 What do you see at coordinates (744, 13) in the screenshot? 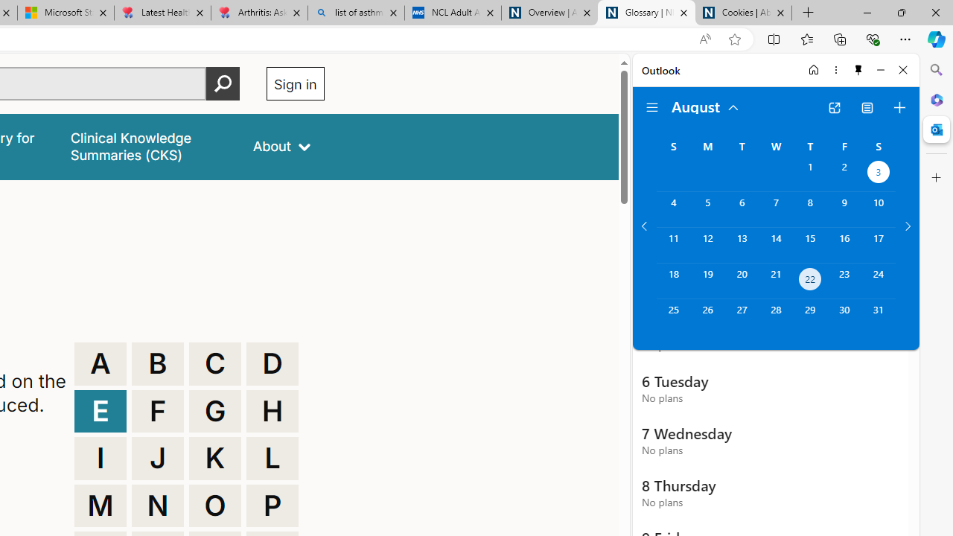
I see `'Cookies | About | NICE'` at bounding box center [744, 13].